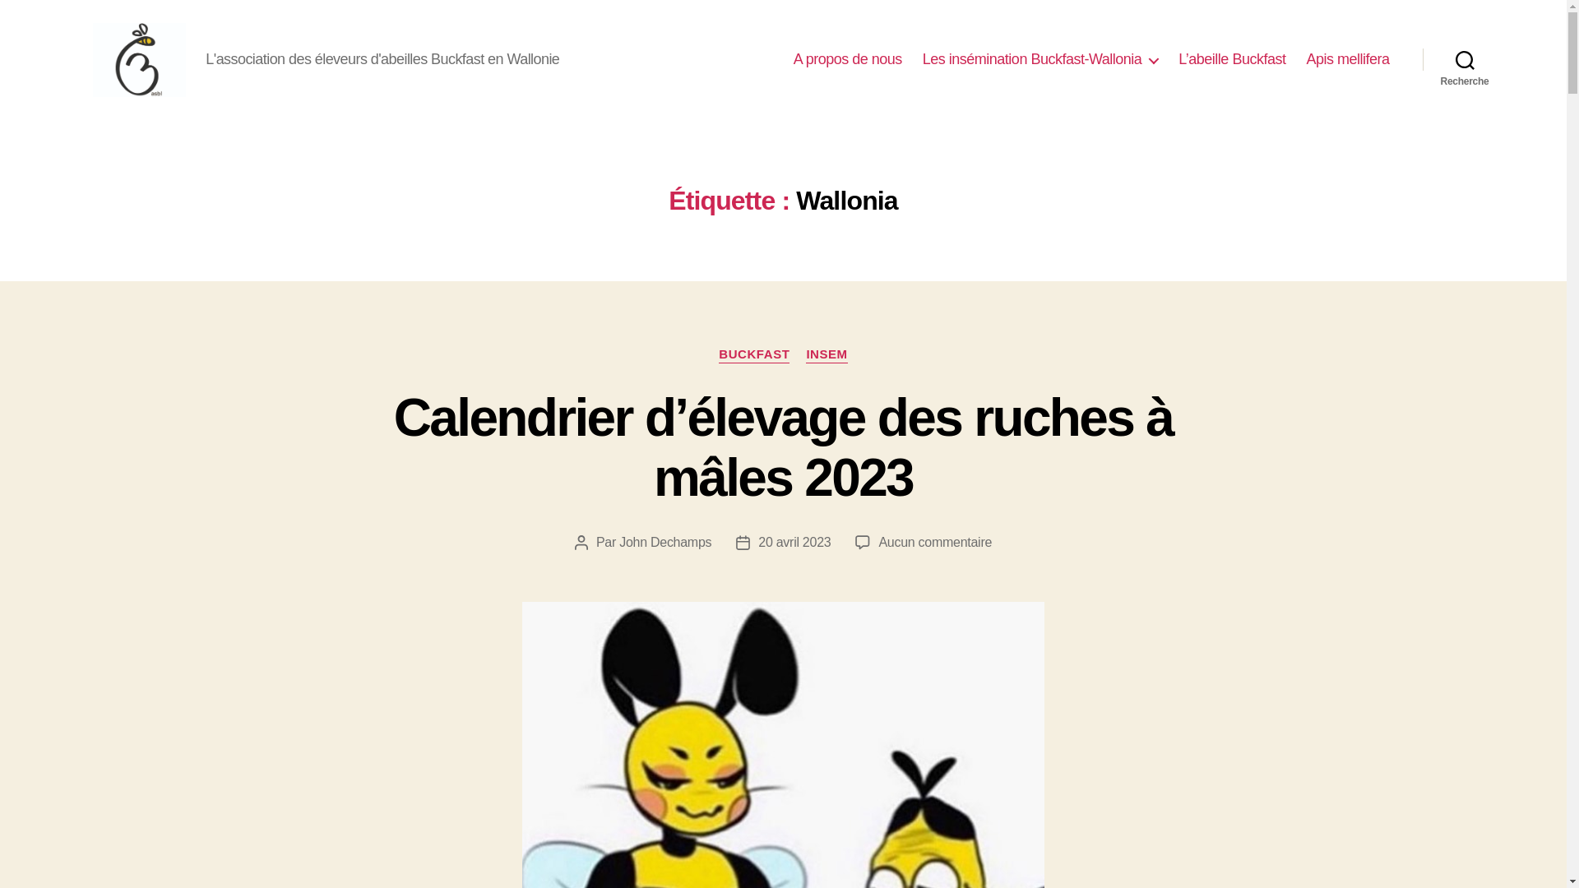 The height and width of the screenshot is (888, 1579). What do you see at coordinates (665, 542) in the screenshot?
I see `'John Dechamps'` at bounding box center [665, 542].